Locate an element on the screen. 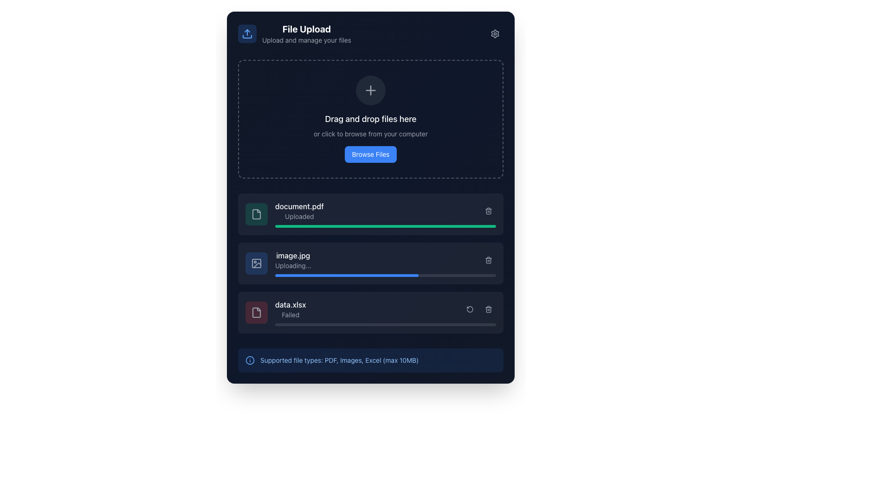 The image size is (891, 501). the Text Label displaying the file name 'image.jpg' which is located in the second file entry above the status indicator 'Uploading...' is located at coordinates (292, 256).